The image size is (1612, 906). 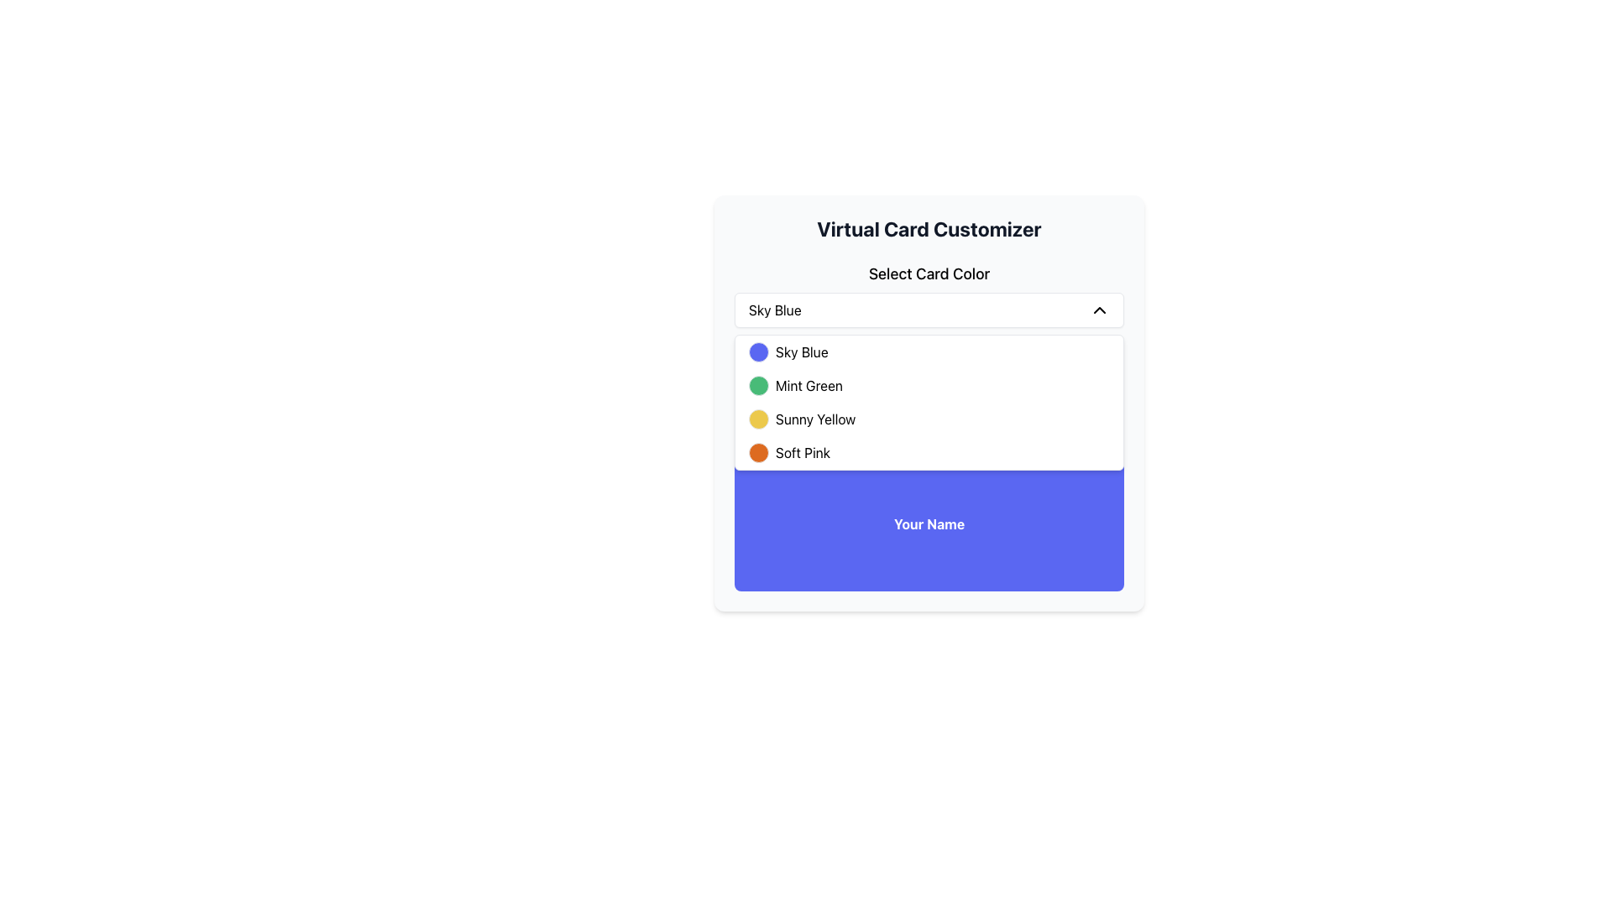 I want to click on the color indicator for 'Mint Green' in the dropdown menu, which is positioned on the left side of the text 'Mint Green.', so click(x=757, y=385).